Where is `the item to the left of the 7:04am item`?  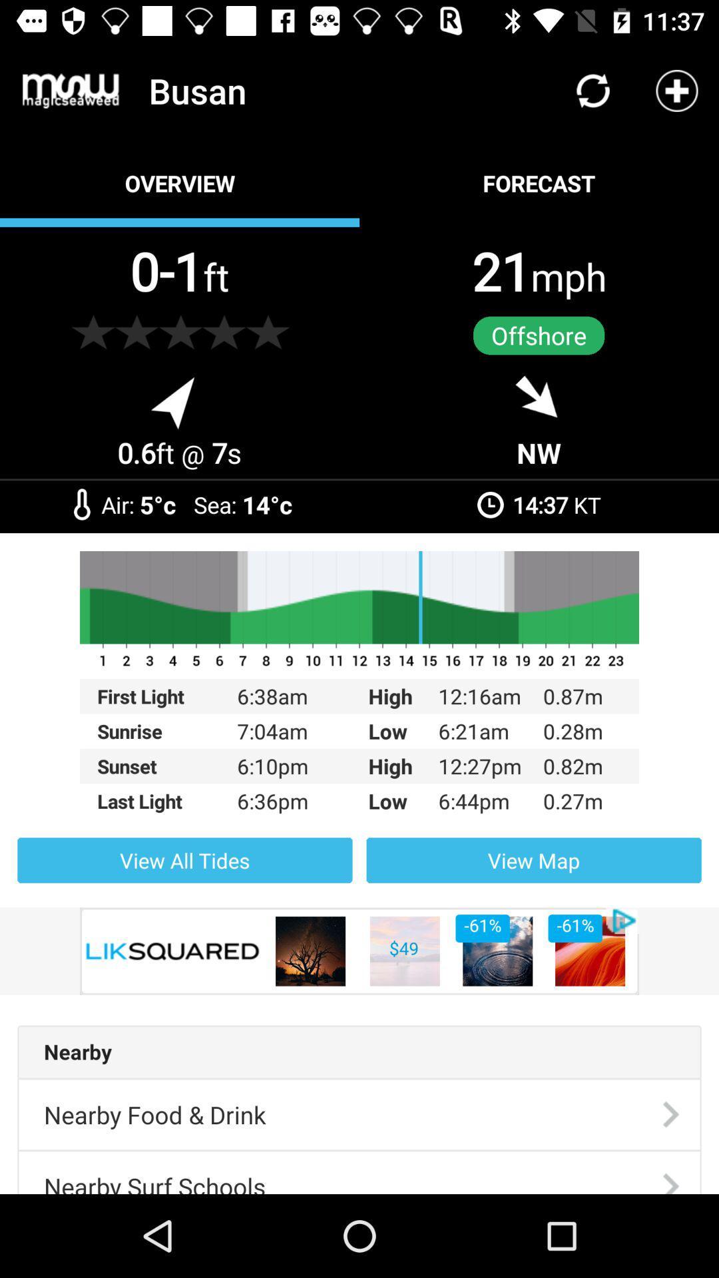 the item to the left of the 7:04am item is located at coordinates (166, 766).